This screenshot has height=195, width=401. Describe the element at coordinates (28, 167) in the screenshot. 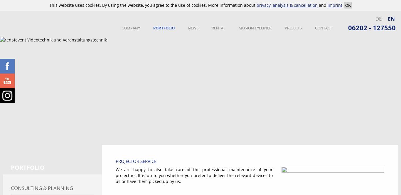

I see `'Portfolio'` at that location.